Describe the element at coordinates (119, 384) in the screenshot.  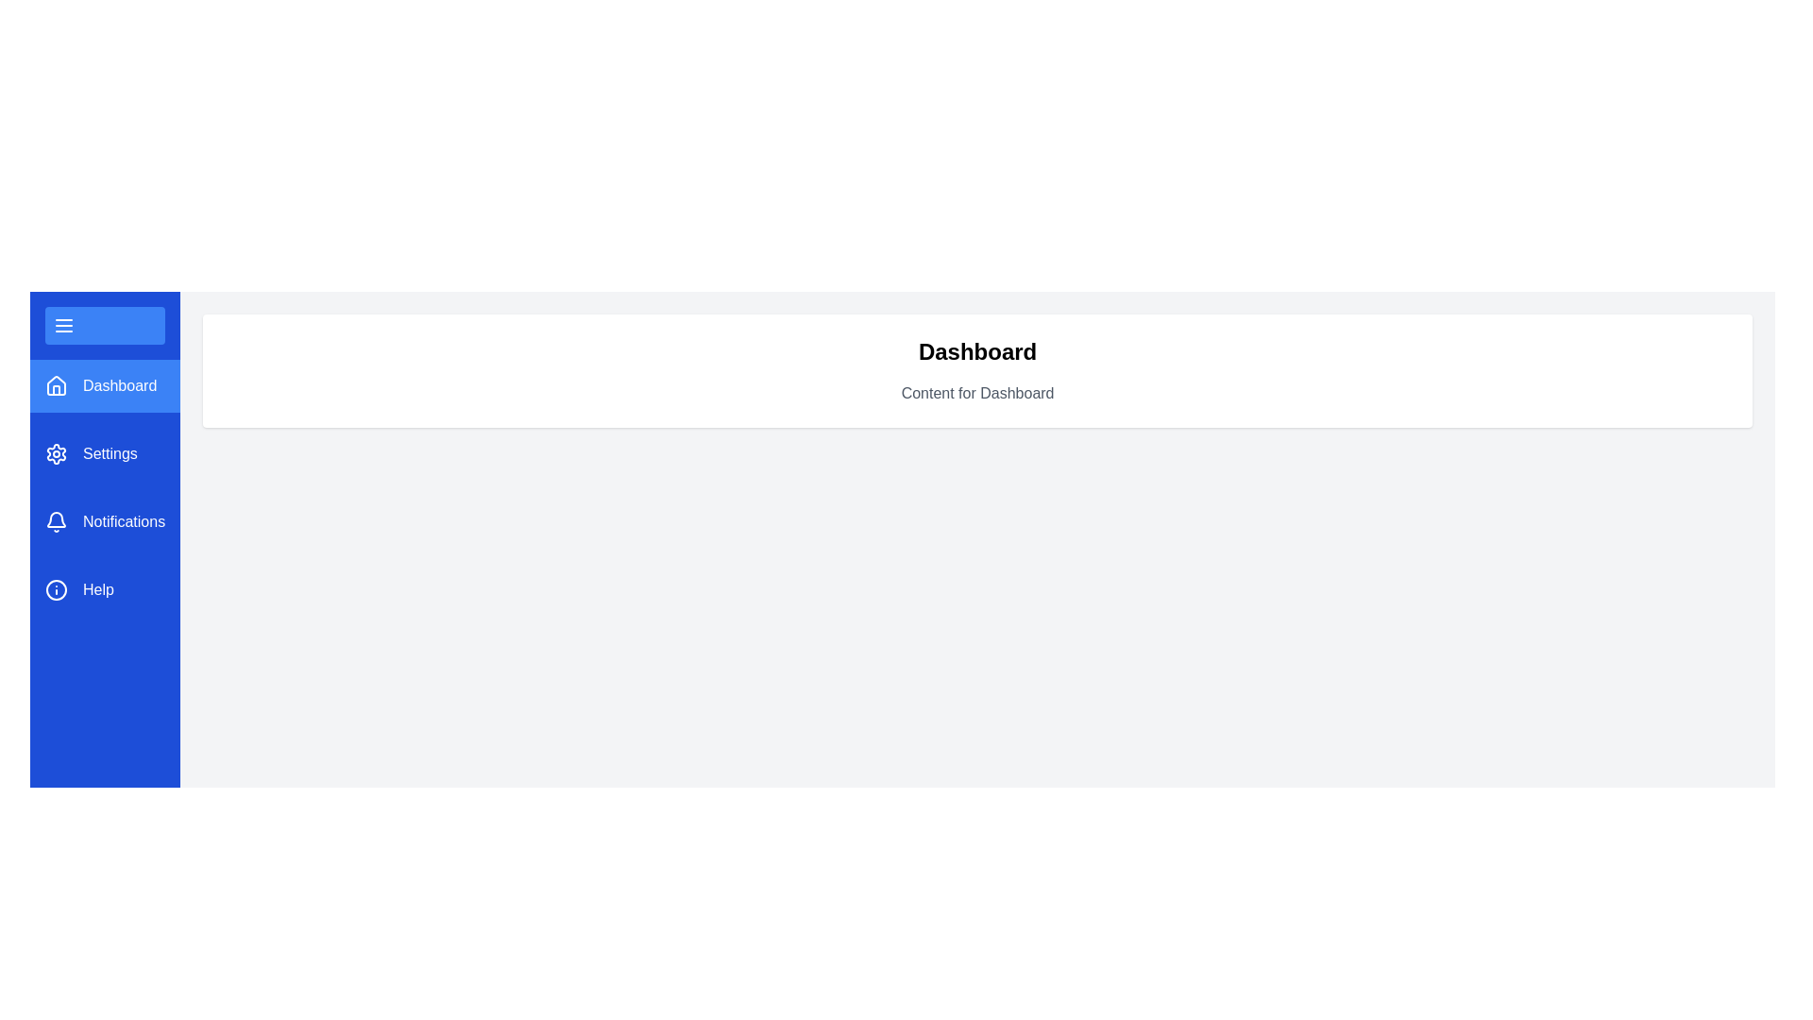
I see `the Text label in the sidebar menu that allows access to the Dashboard section` at that location.